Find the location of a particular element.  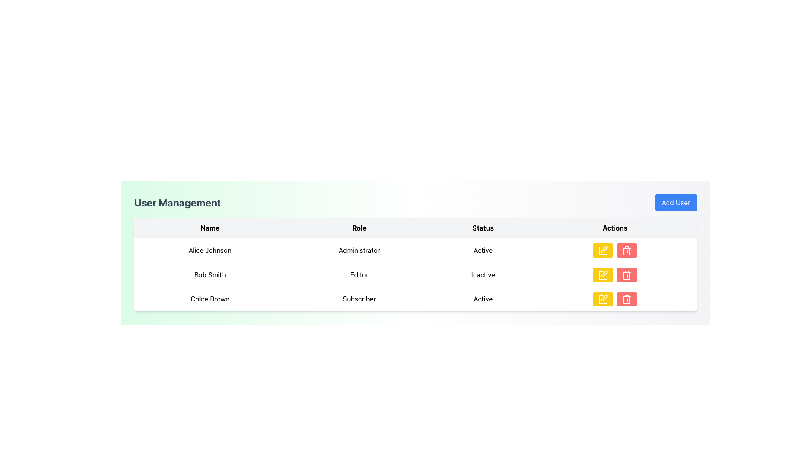

the static text label displaying the name 'Chloe Brown' in the user management interface, located in the third row of the user management table is located at coordinates (210, 299).